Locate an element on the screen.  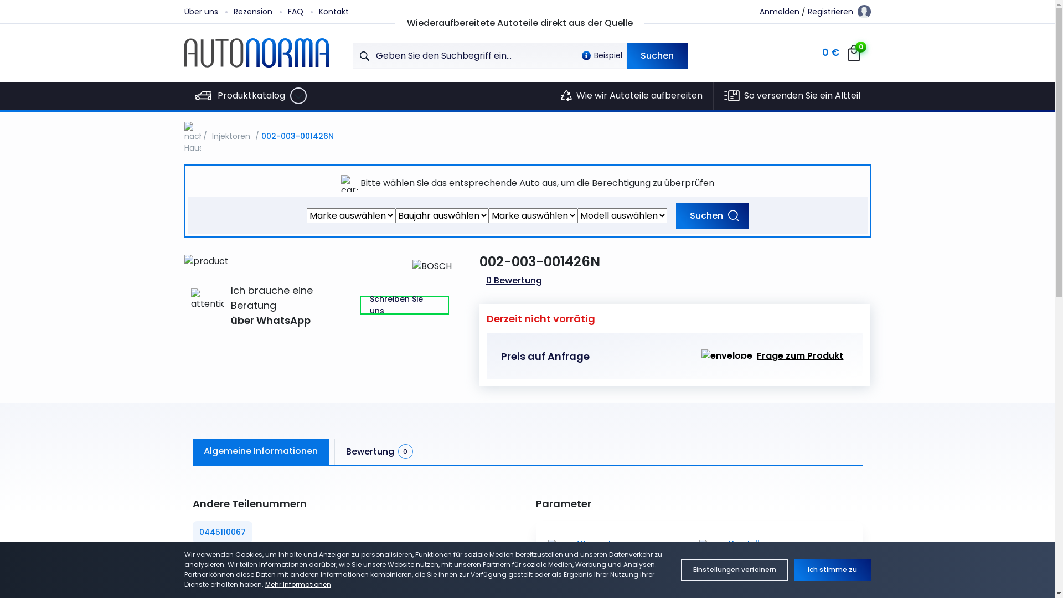
'Registrieren' is located at coordinates (830, 11).